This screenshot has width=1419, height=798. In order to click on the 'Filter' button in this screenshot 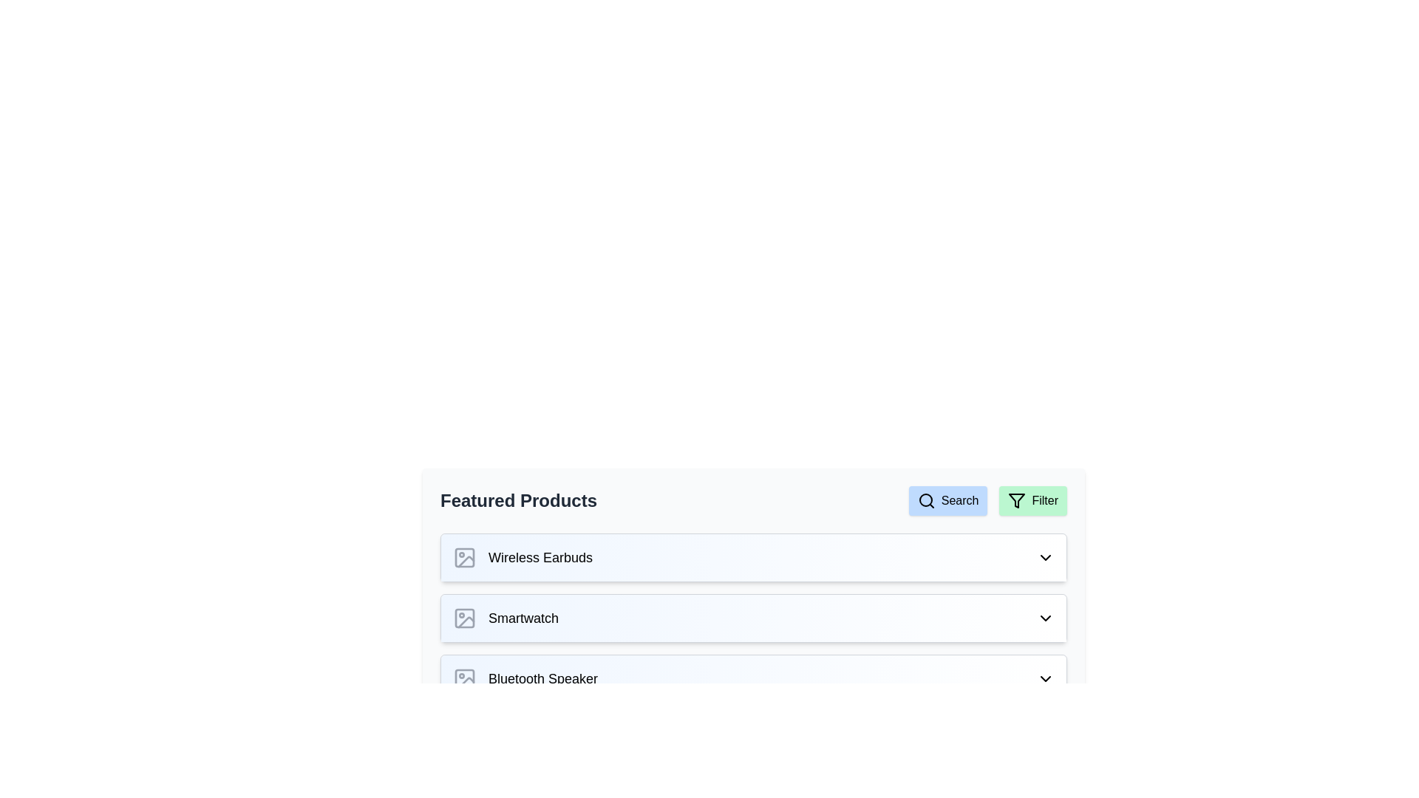, I will do `click(1032, 500)`.